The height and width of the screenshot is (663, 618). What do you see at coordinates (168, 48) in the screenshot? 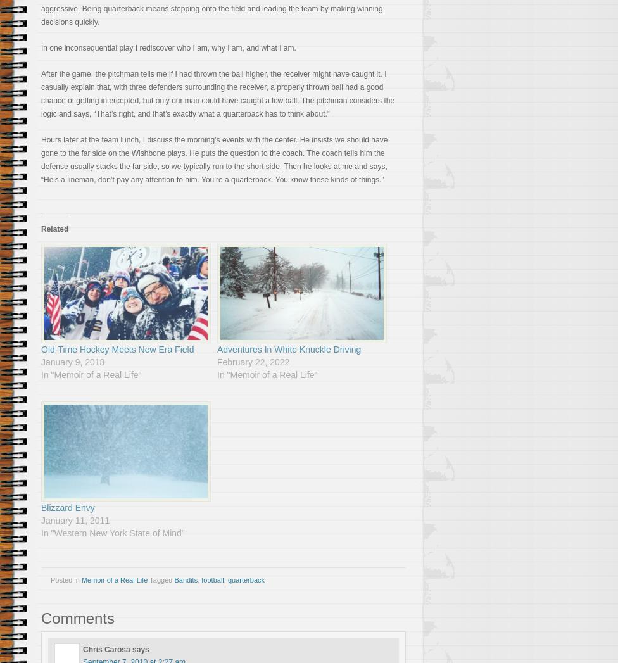
I see `'In one inconsequential play I rediscover who I am, why I am, and what I am.'` at bounding box center [168, 48].